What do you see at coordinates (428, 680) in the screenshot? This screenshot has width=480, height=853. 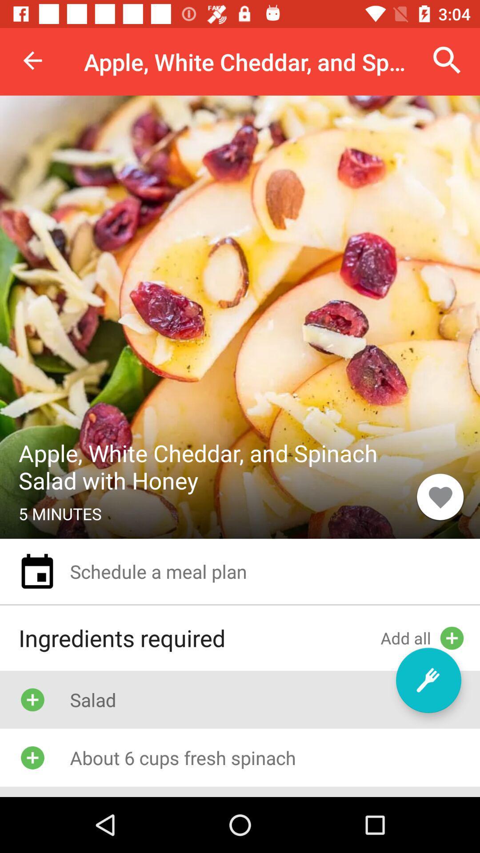 I see `the item to the right of ingredients required item` at bounding box center [428, 680].